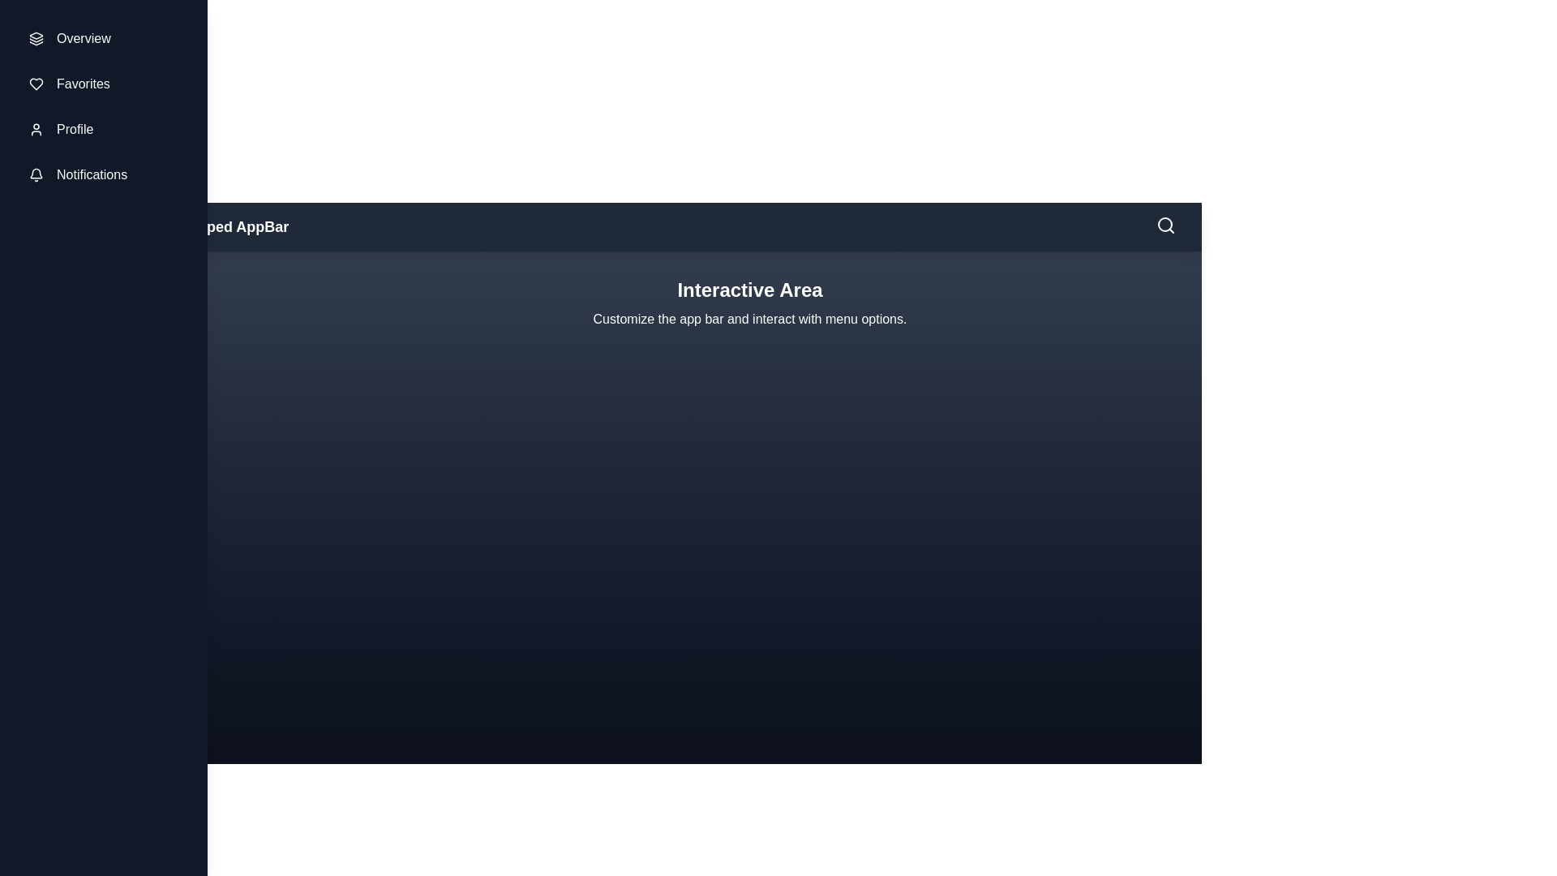 This screenshot has width=1557, height=876. I want to click on the sidebar item Favorites to highlight it, so click(103, 84).